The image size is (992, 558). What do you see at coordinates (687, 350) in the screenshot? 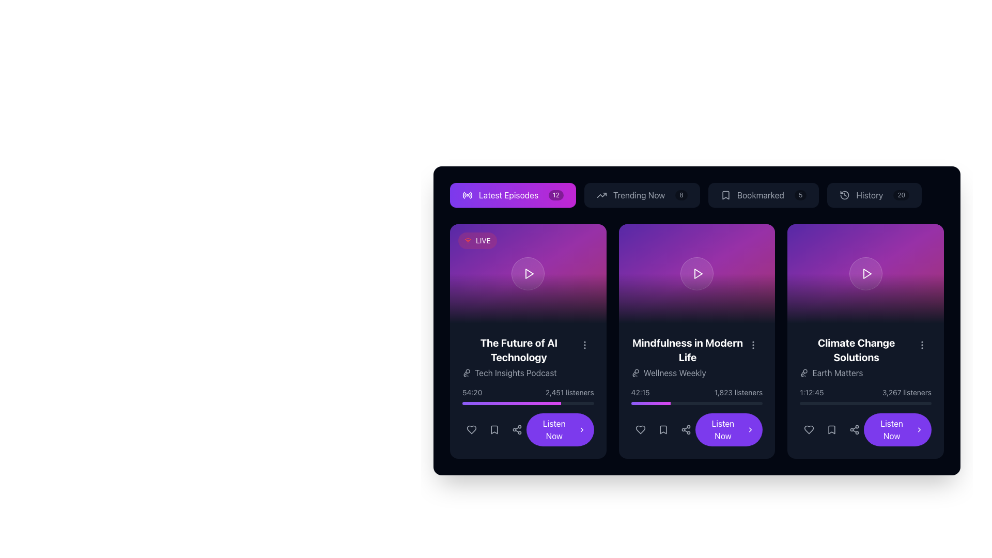
I see `the text element displaying 'Mindfulness in Modern Life' for accessibility tools` at bounding box center [687, 350].